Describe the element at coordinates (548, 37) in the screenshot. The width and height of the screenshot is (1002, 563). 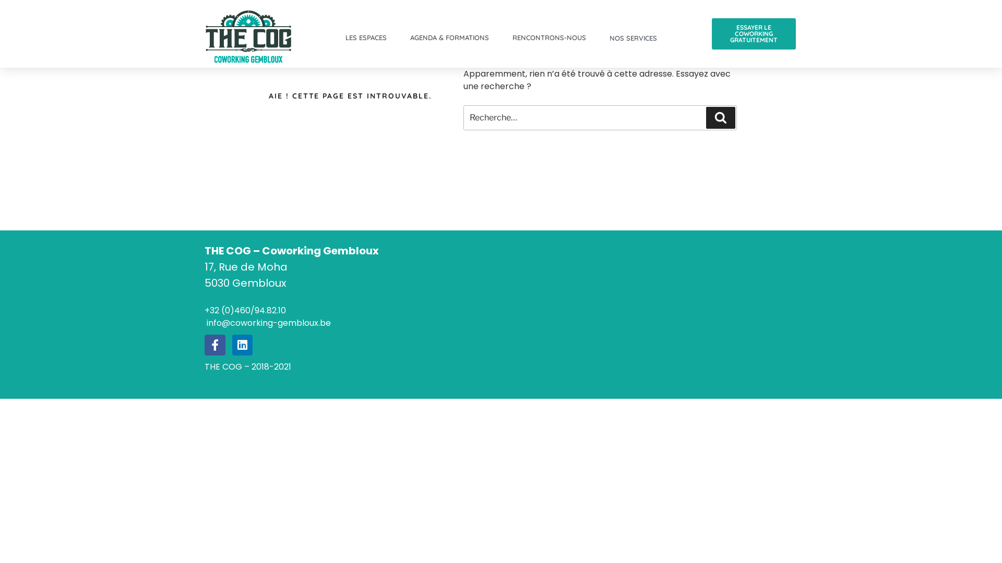
I see `'RENCONTRONS-NOUS'` at that location.